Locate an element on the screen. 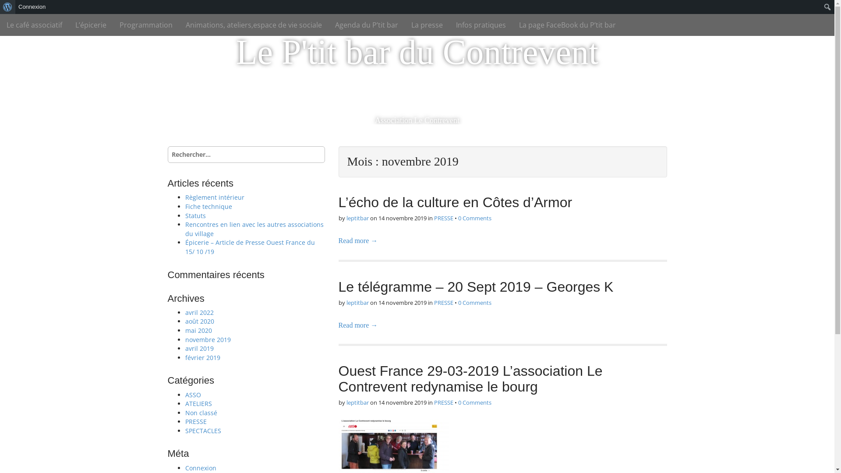 The height and width of the screenshot is (473, 841). 'Rencontres en lien avec les autres associations du village' is located at coordinates (254, 229).